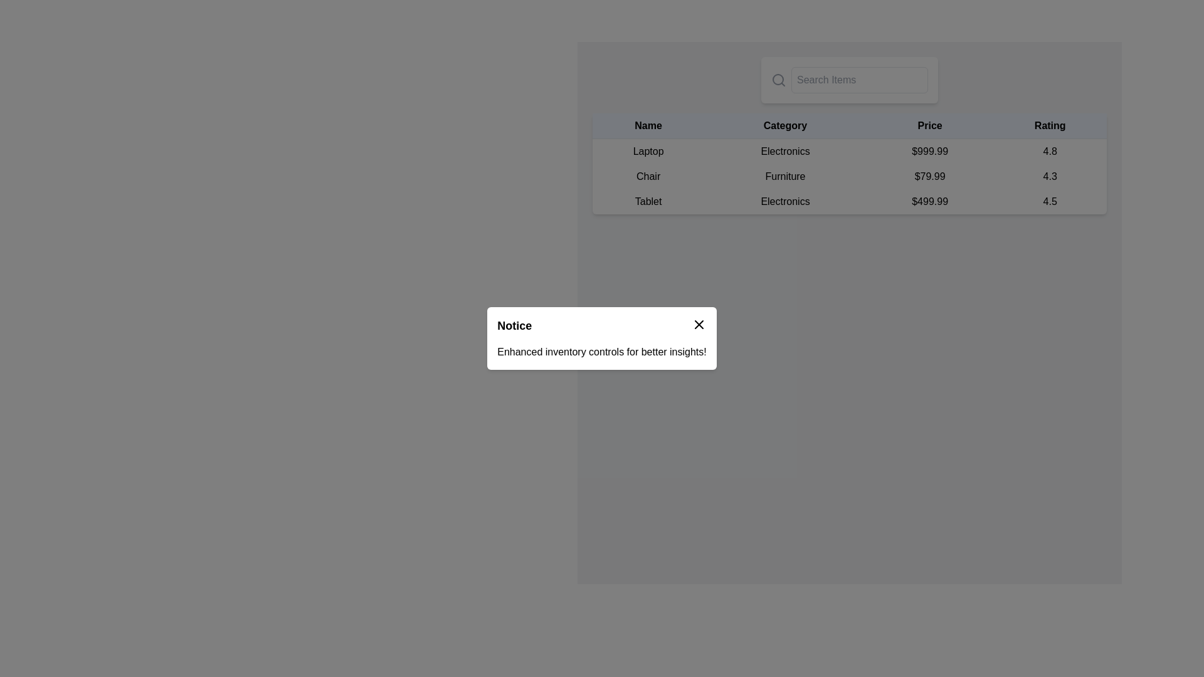  What do you see at coordinates (648, 126) in the screenshot?
I see `column label of the 'Name' header, which is the leftmost header in the table header row` at bounding box center [648, 126].